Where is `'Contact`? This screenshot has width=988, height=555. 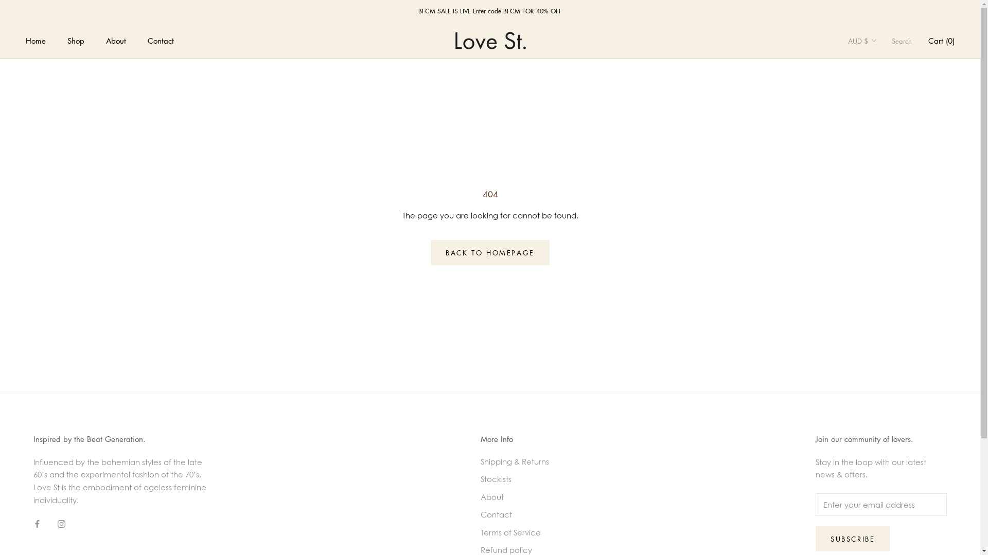 'Contact is located at coordinates (160, 40).